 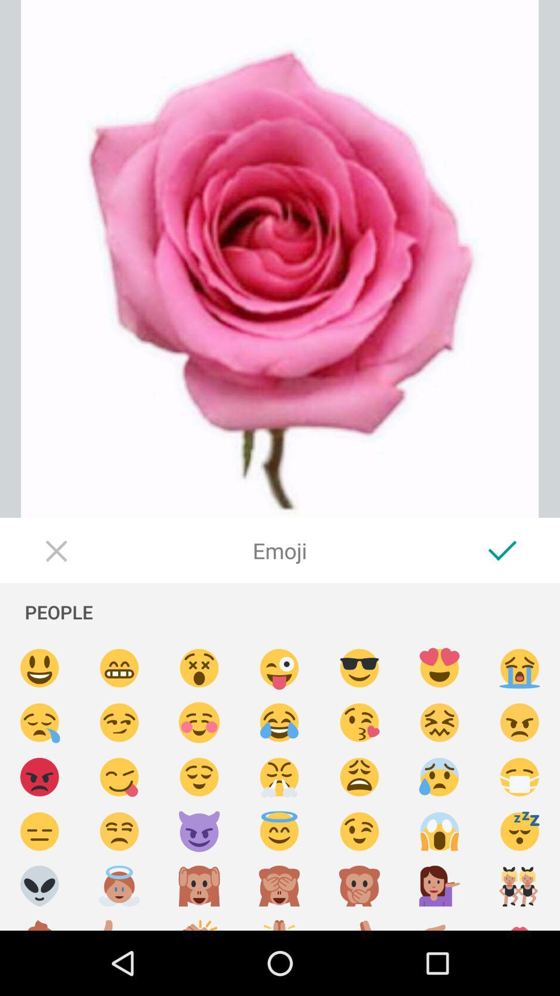 I want to click on tag as sad, so click(x=359, y=777).